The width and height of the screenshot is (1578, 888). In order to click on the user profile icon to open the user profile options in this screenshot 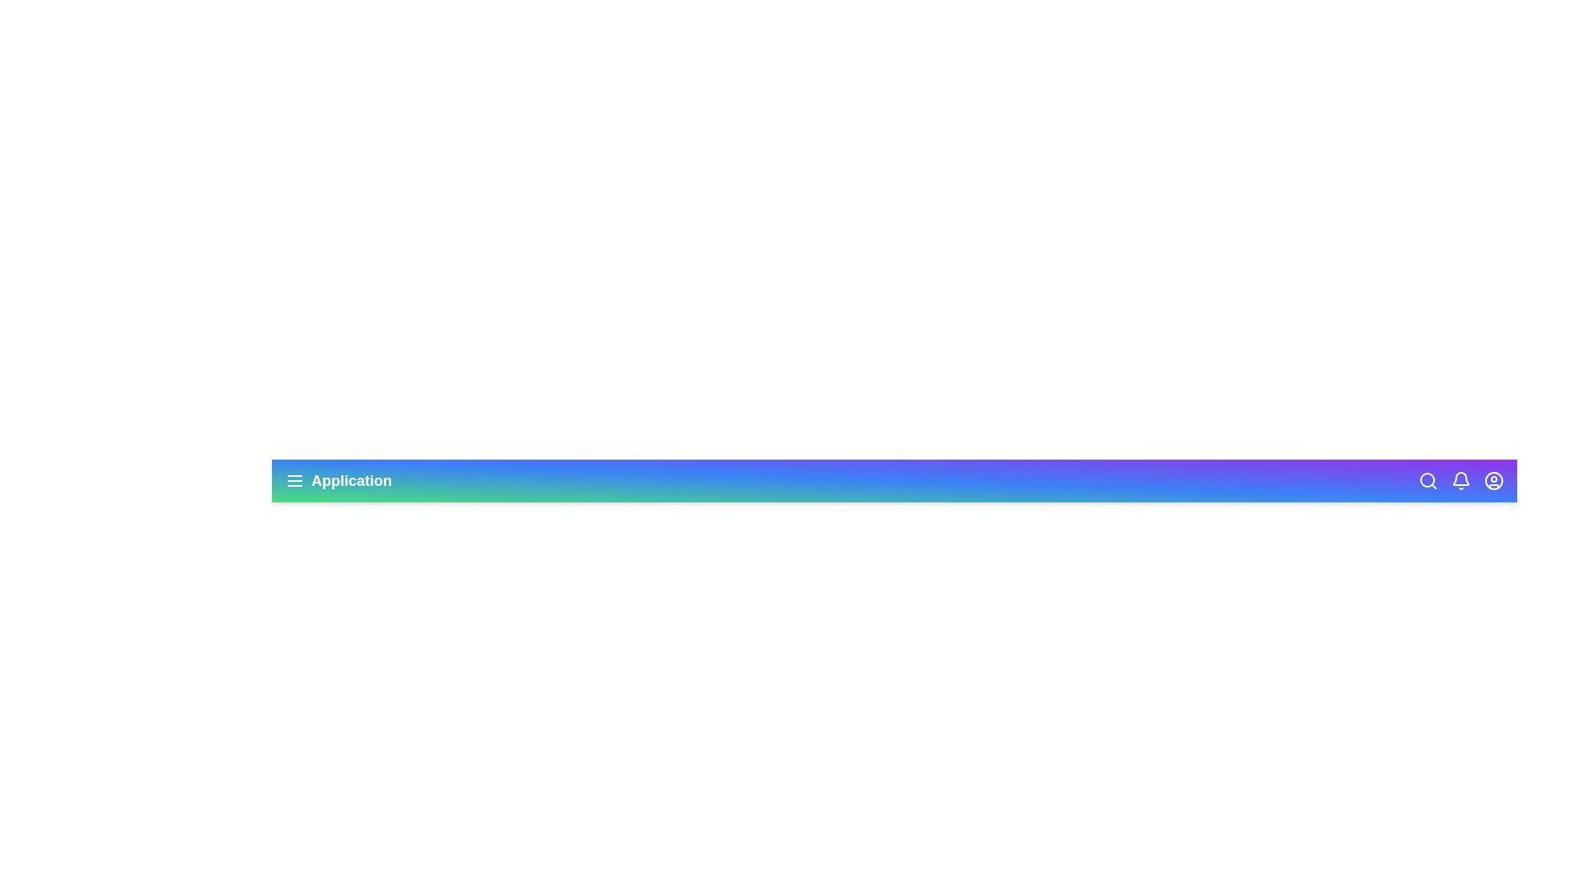, I will do `click(1494, 481)`.